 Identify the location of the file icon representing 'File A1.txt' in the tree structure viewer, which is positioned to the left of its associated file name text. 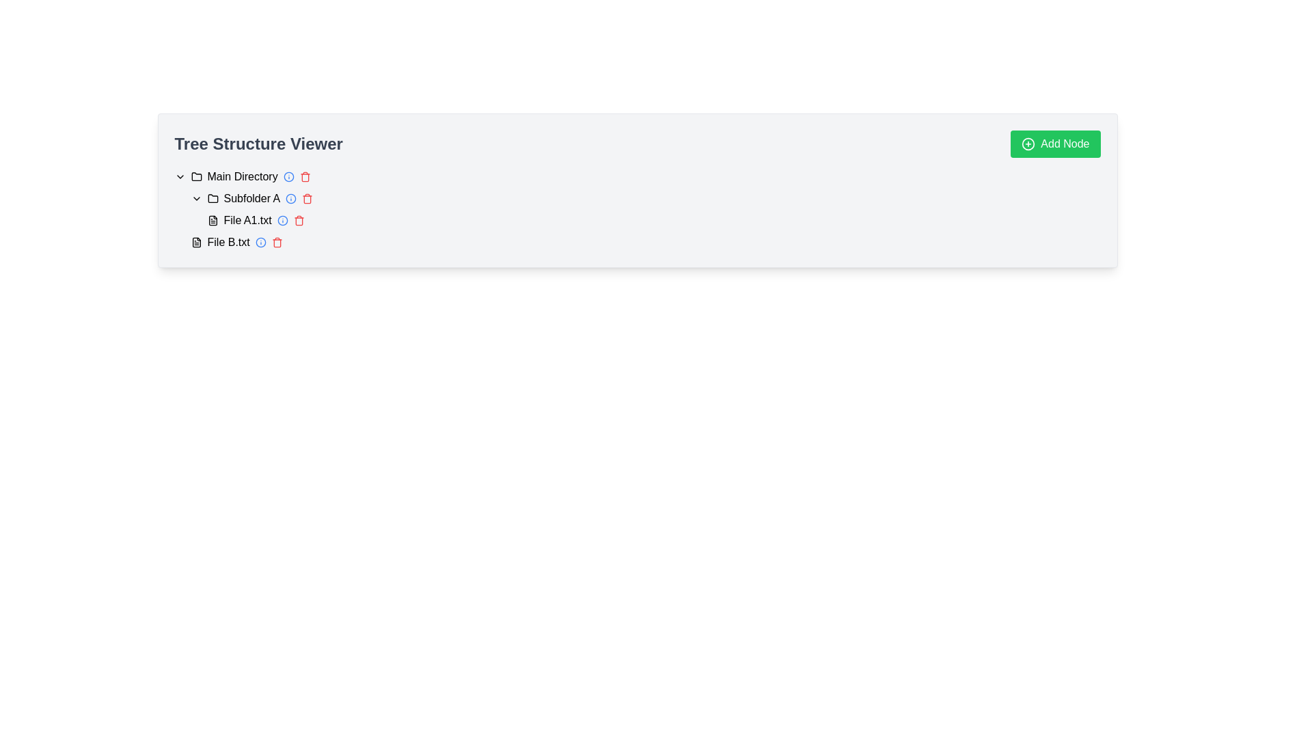
(212, 220).